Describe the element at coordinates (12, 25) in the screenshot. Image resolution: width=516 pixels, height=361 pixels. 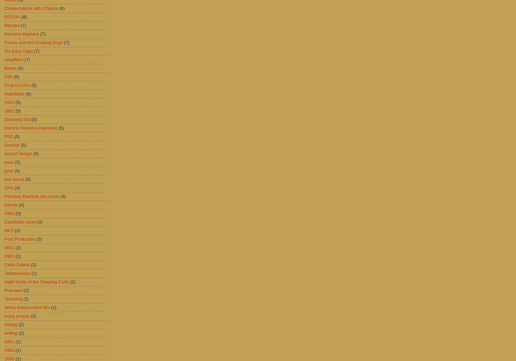
I see `'Blender'` at that location.